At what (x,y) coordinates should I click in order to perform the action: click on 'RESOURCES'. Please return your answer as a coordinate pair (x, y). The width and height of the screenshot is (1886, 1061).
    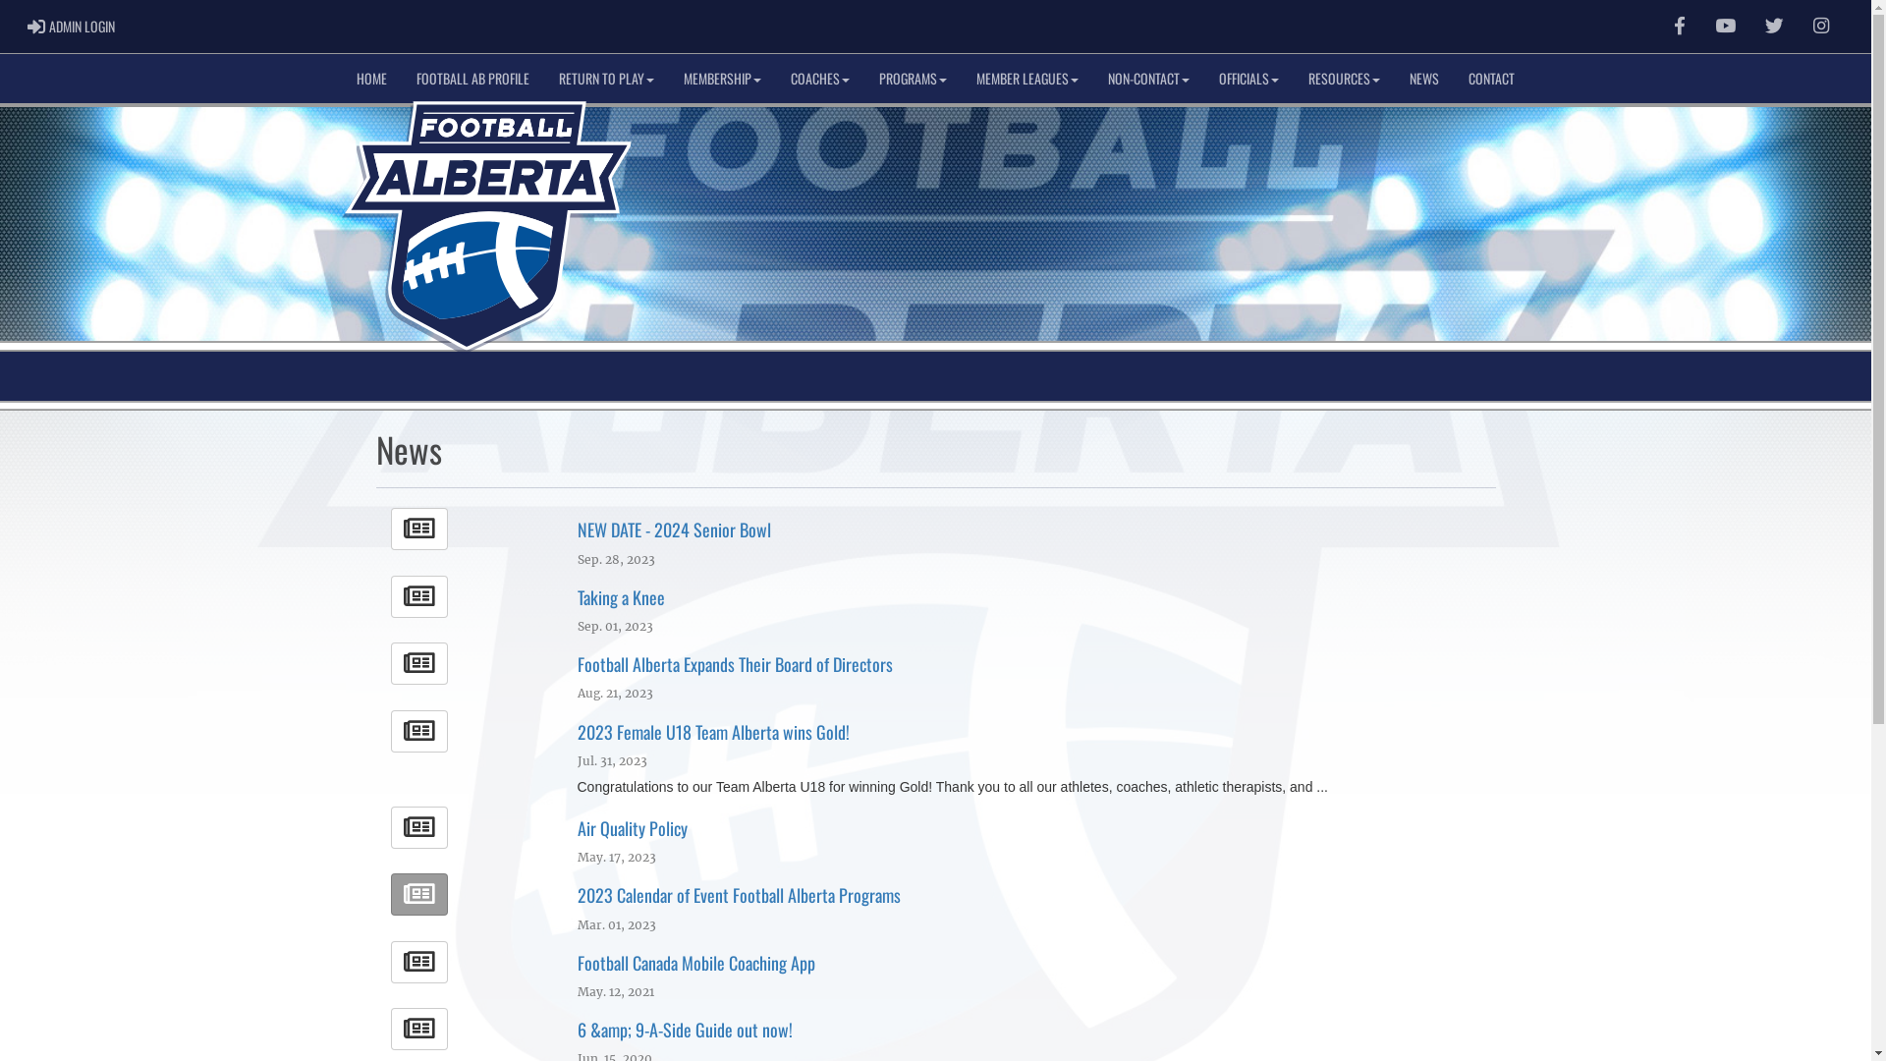
    Looking at the image, I should click on (1293, 78).